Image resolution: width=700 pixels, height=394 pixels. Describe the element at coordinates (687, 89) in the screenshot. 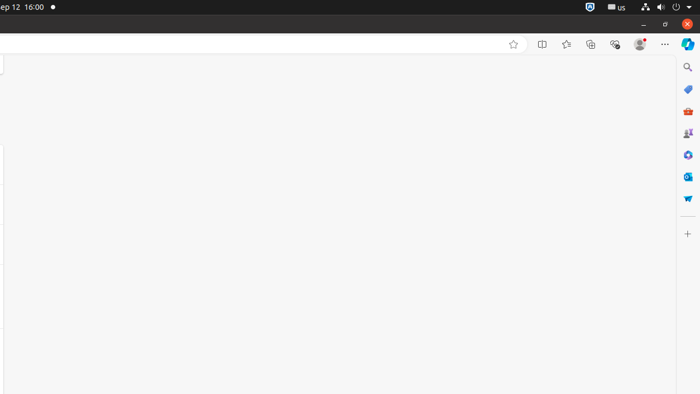

I see `'Microsoft Shopping'` at that location.